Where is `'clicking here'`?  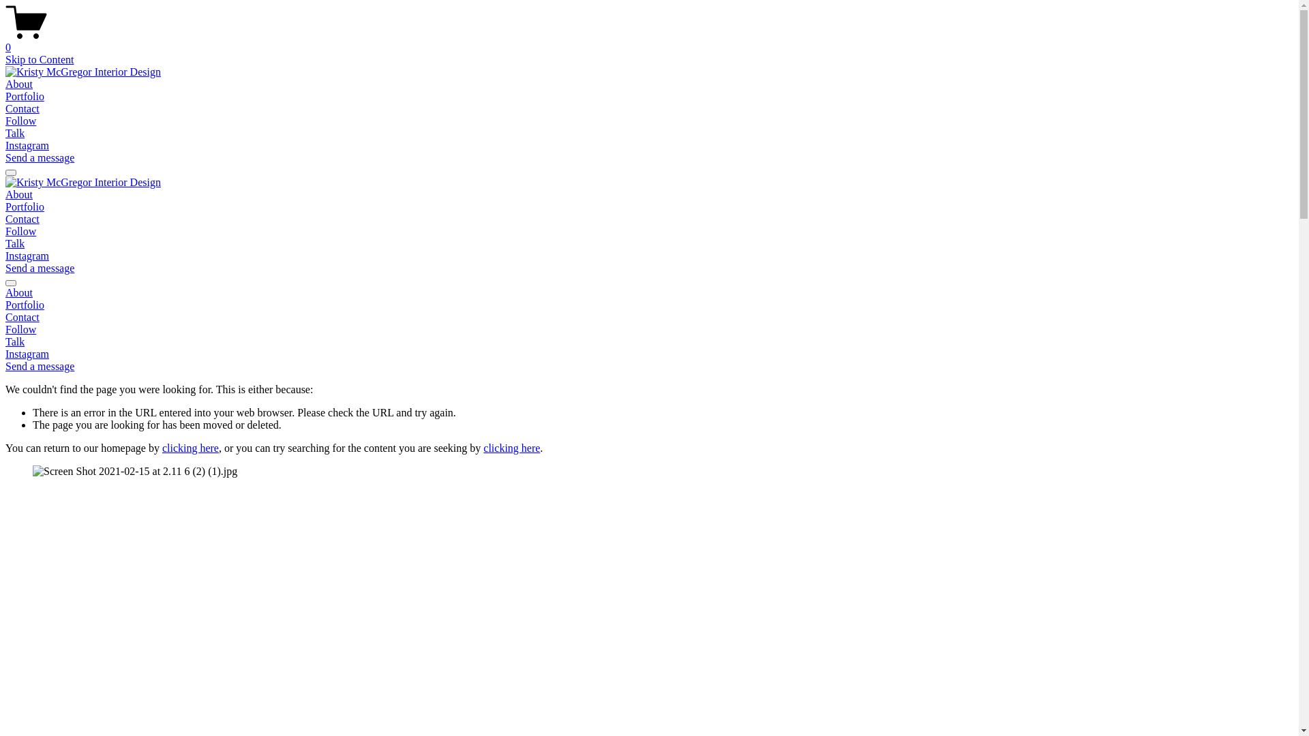
'clicking here' is located at coordinates (483, 448).